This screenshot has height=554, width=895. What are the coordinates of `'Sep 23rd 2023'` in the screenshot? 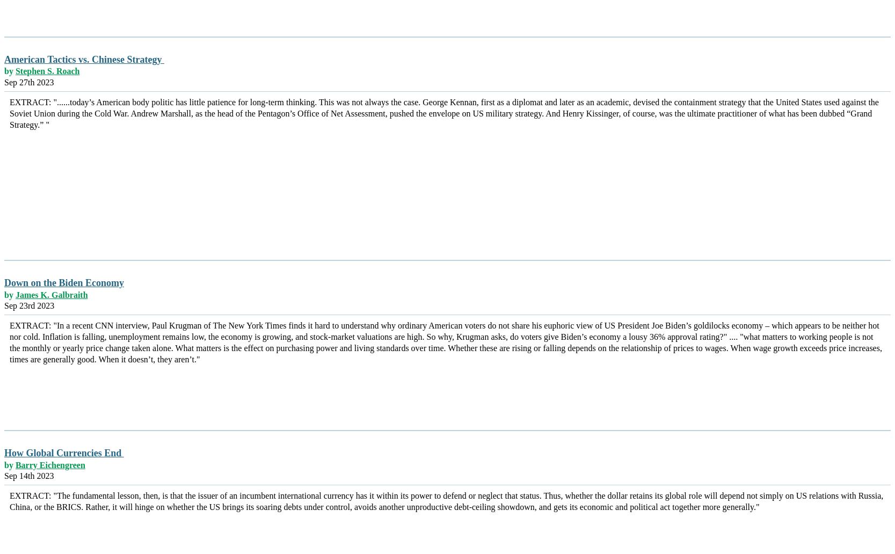 It's located at (29, 305).